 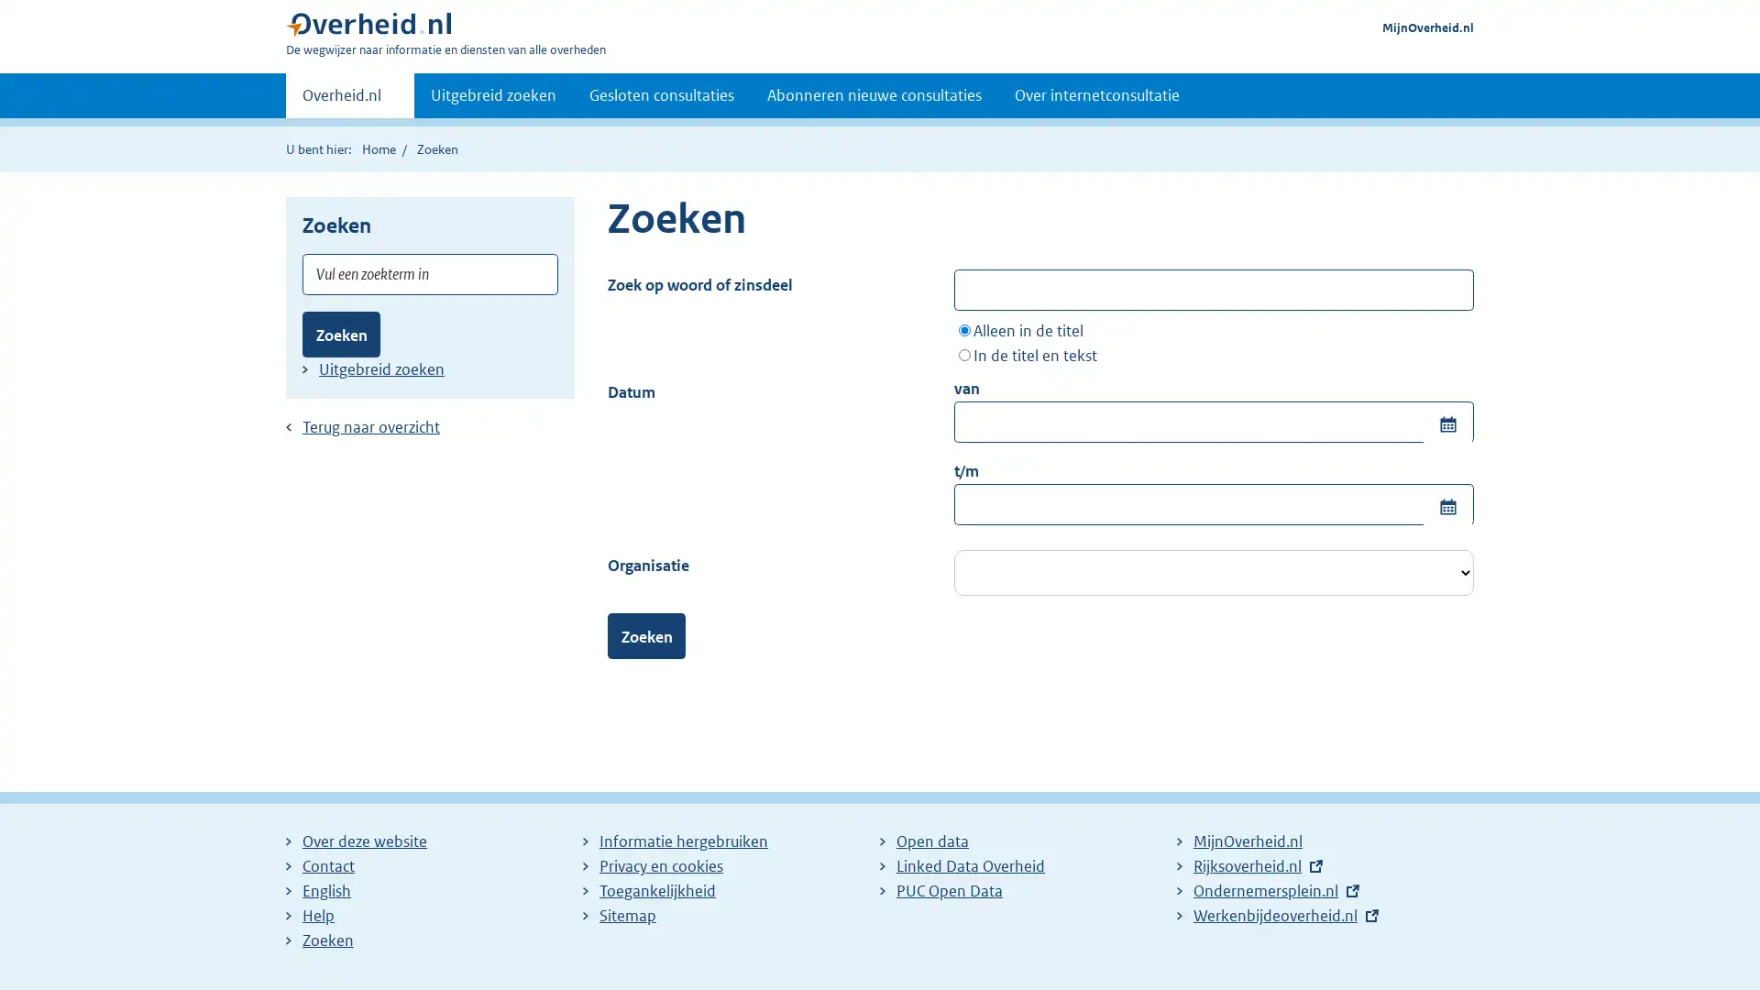 What do you see at coordinates (1446, 423) in the screenshot?
I see `Toon kalender` at bounding box center [1446, 423].